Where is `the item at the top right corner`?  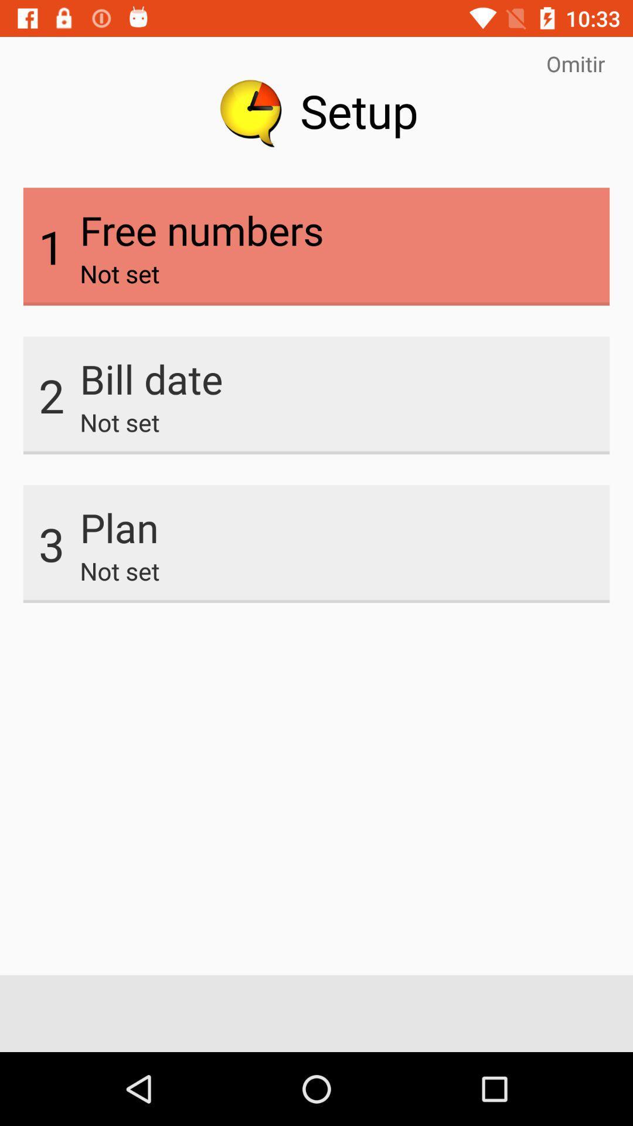
the item at the top right corner is located at coordinates (575, 63).